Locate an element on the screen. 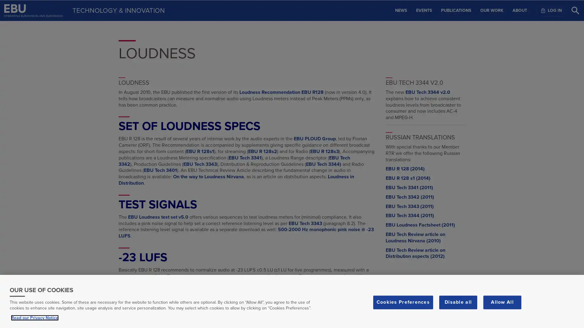 This screenshot has width=584, height=328. Disable all is located at coordinates (458, 302).